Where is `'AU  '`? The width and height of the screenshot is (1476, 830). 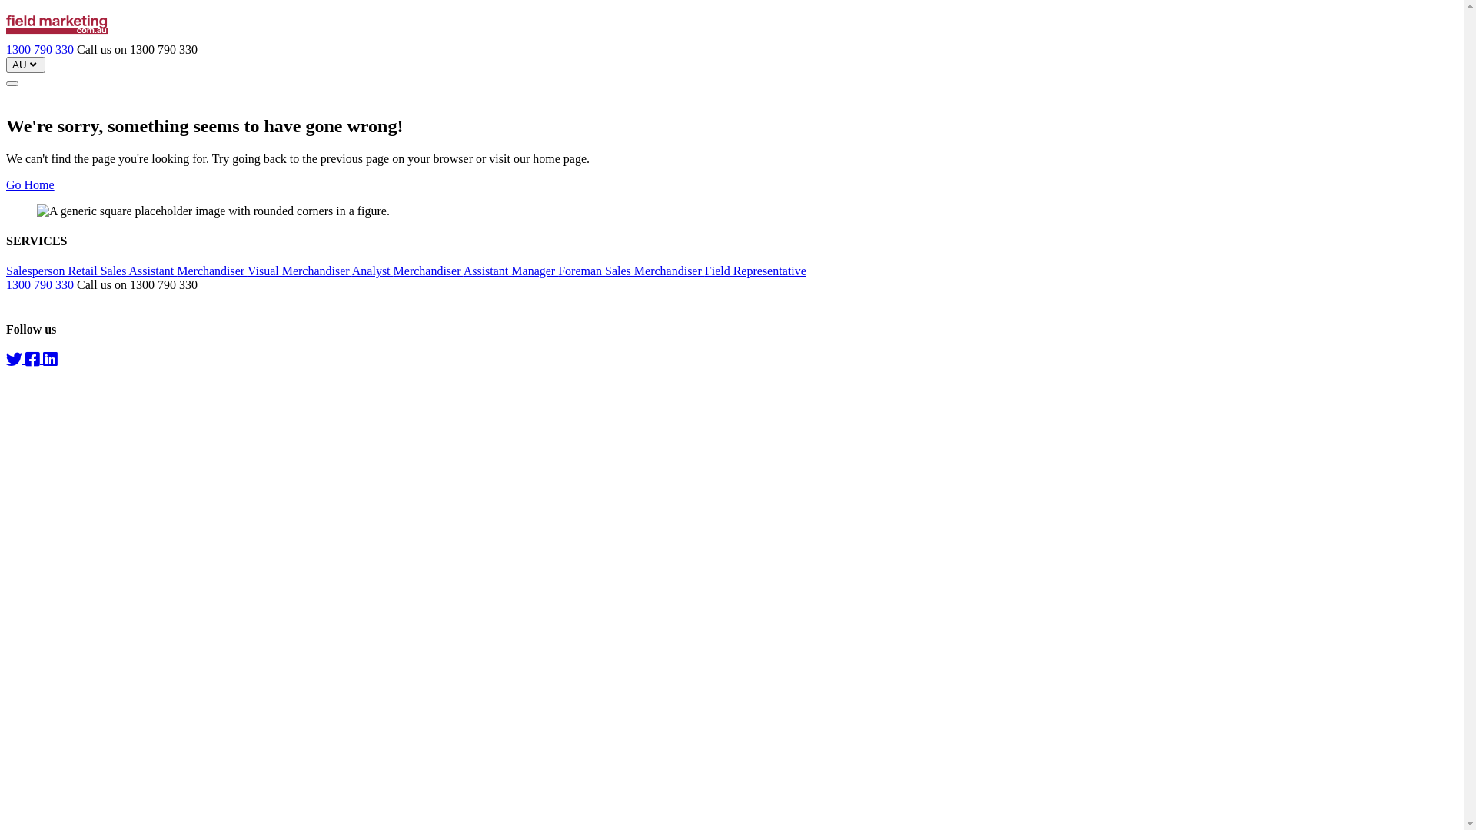 'AU  ' is located at coordinates (6, 64).